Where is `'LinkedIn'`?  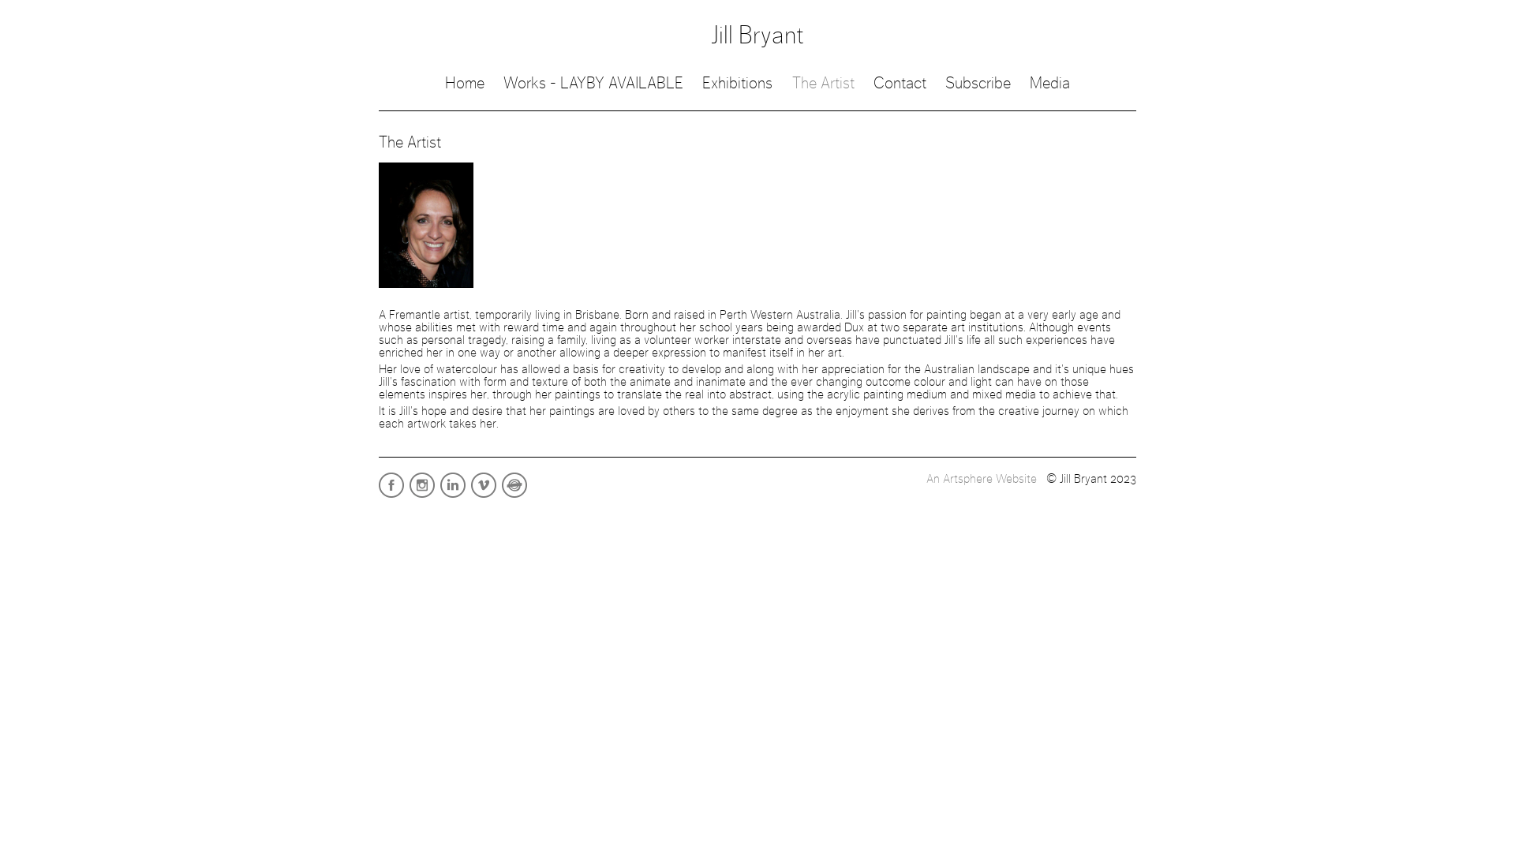 'LinkedIn' is located at coordinates (453, 495).